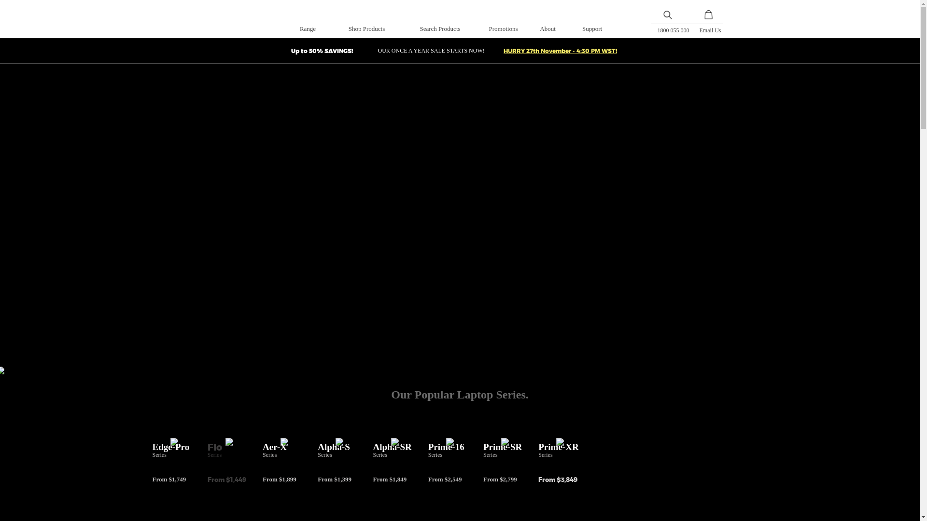 The width and height of the screenshot is (927, 521). What do you see at coordinates (439, 28) in the screenshot?
I see `'Search Products'` at bounding box center [439, 28].